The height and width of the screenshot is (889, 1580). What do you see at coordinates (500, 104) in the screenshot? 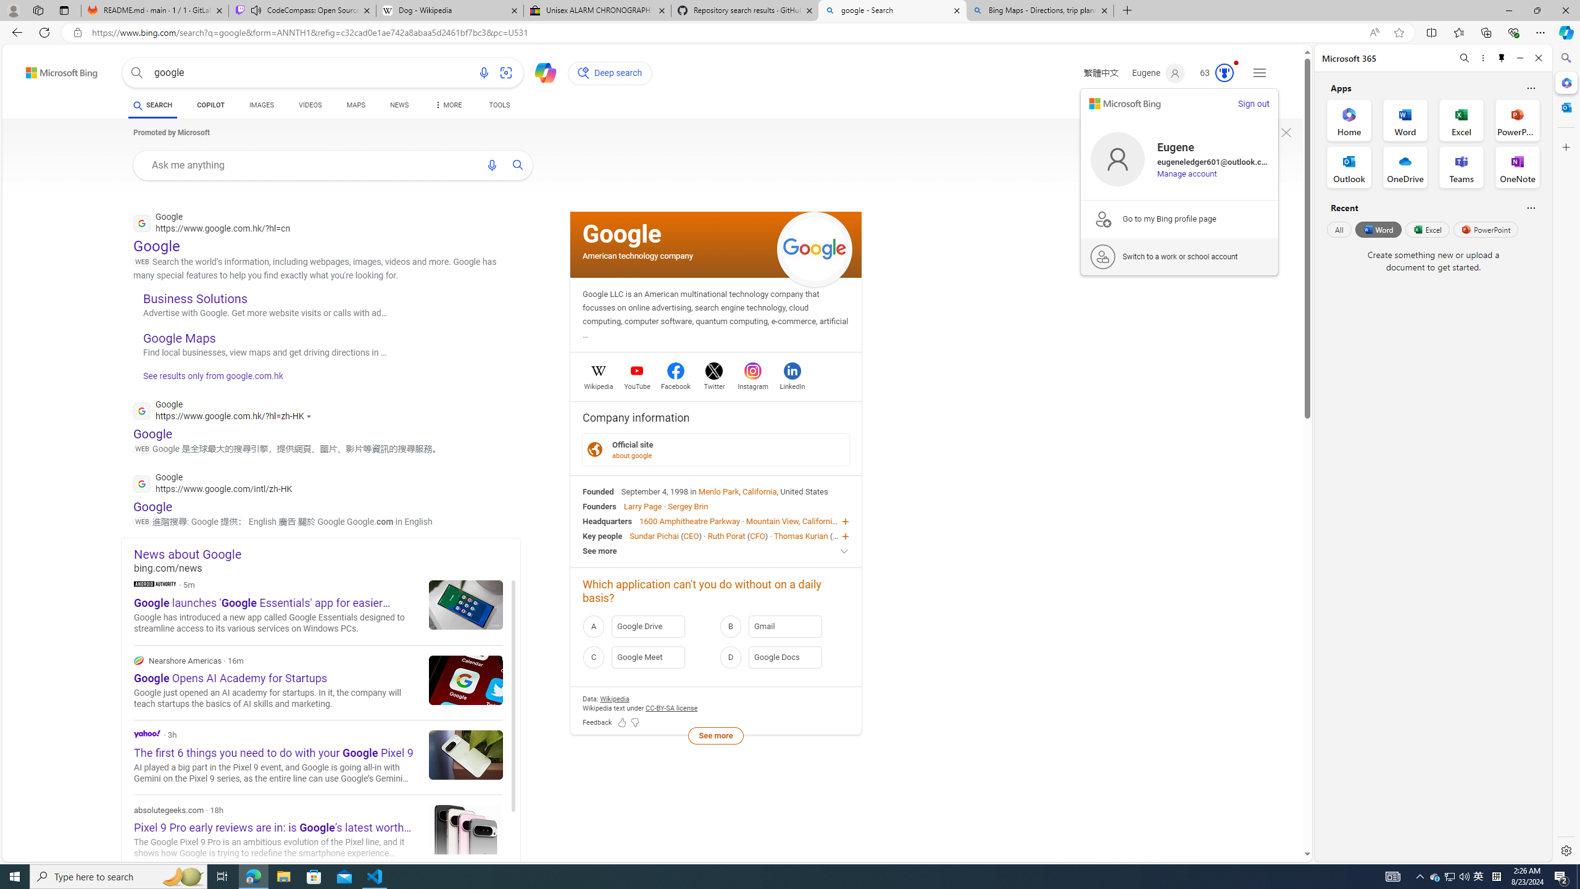
I see `'TOOLS'` at bounding box center [500, 104].